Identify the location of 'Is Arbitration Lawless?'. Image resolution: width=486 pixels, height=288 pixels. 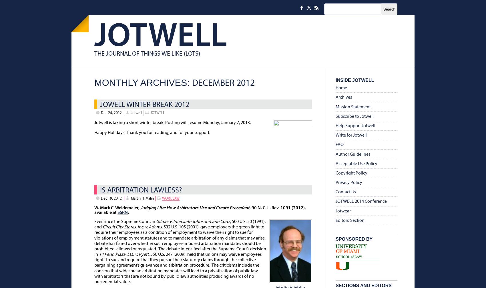
(141, 190).